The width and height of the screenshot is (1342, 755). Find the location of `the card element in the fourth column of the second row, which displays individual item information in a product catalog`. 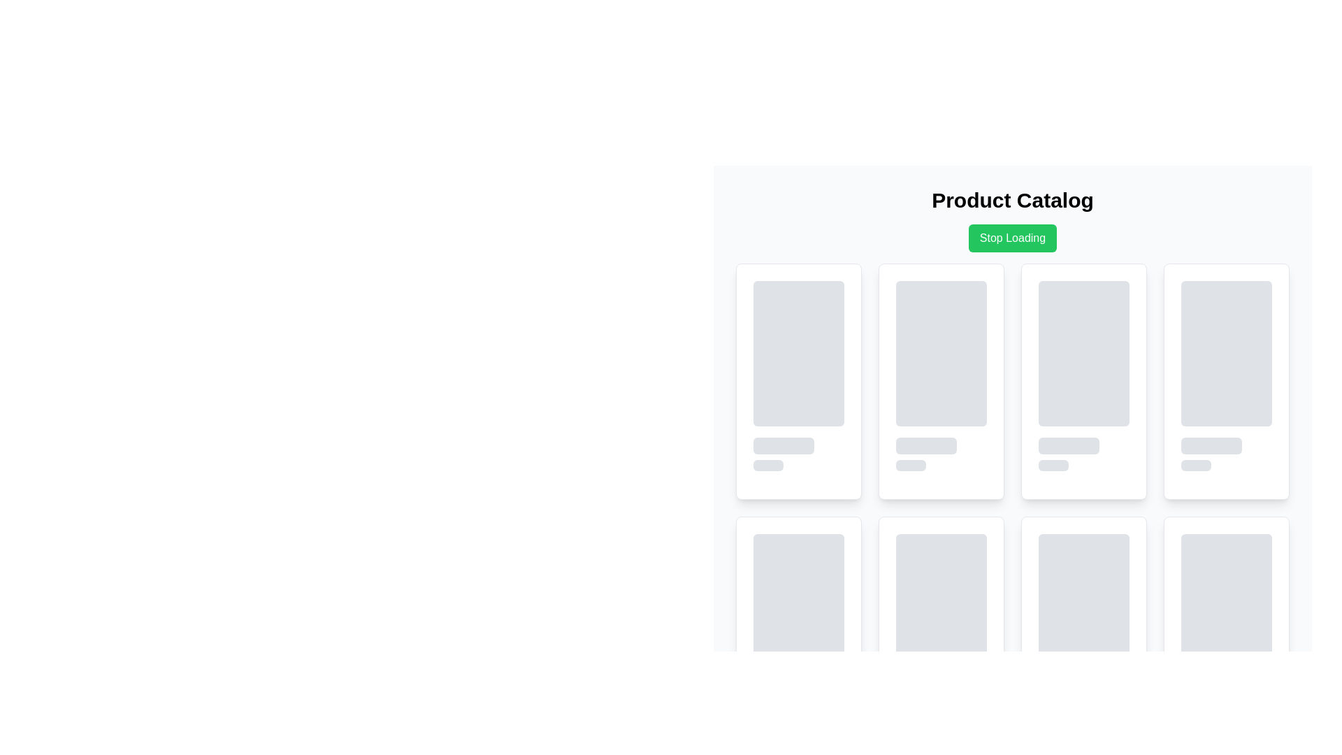

the card element in the fourth column of the second row, which displays individual item information in a product catalog is located at coordinates (941, 634).